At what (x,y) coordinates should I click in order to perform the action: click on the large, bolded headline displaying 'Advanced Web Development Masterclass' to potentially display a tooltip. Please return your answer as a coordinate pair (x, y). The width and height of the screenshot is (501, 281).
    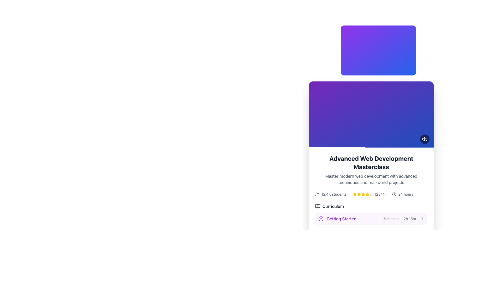
    Looking at the image, I should click on (371, 162).